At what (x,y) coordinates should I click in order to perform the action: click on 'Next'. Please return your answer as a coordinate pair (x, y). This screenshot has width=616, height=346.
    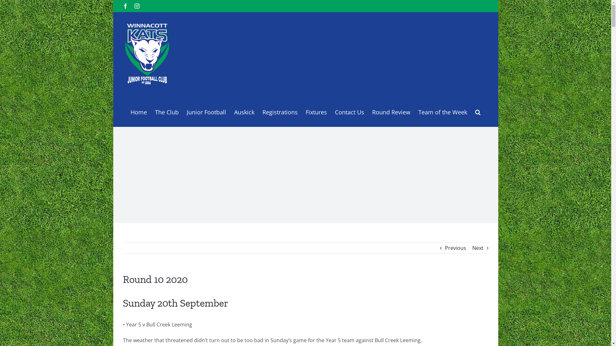
    Looking at the image, I should click on (478, 248).